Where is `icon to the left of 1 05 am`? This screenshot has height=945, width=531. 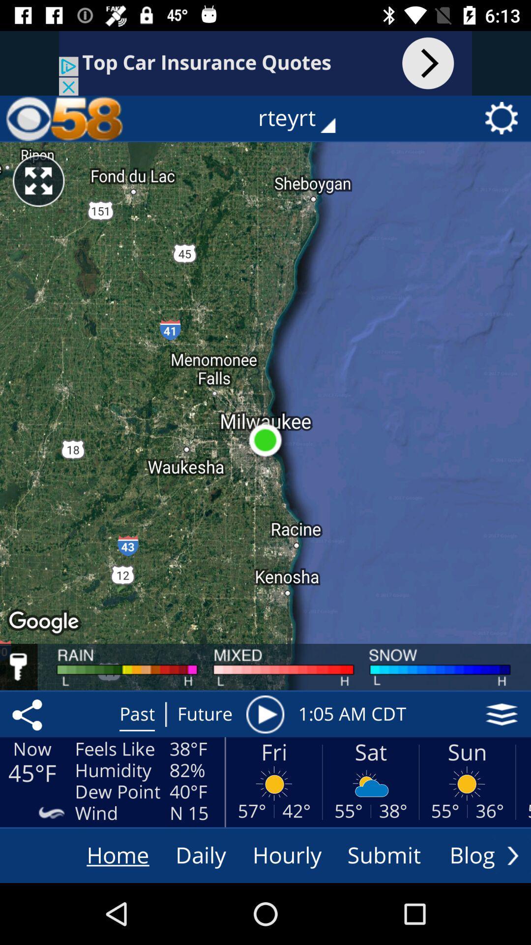
icon to the left of 1 05 am is located at coordinates (265, 714).